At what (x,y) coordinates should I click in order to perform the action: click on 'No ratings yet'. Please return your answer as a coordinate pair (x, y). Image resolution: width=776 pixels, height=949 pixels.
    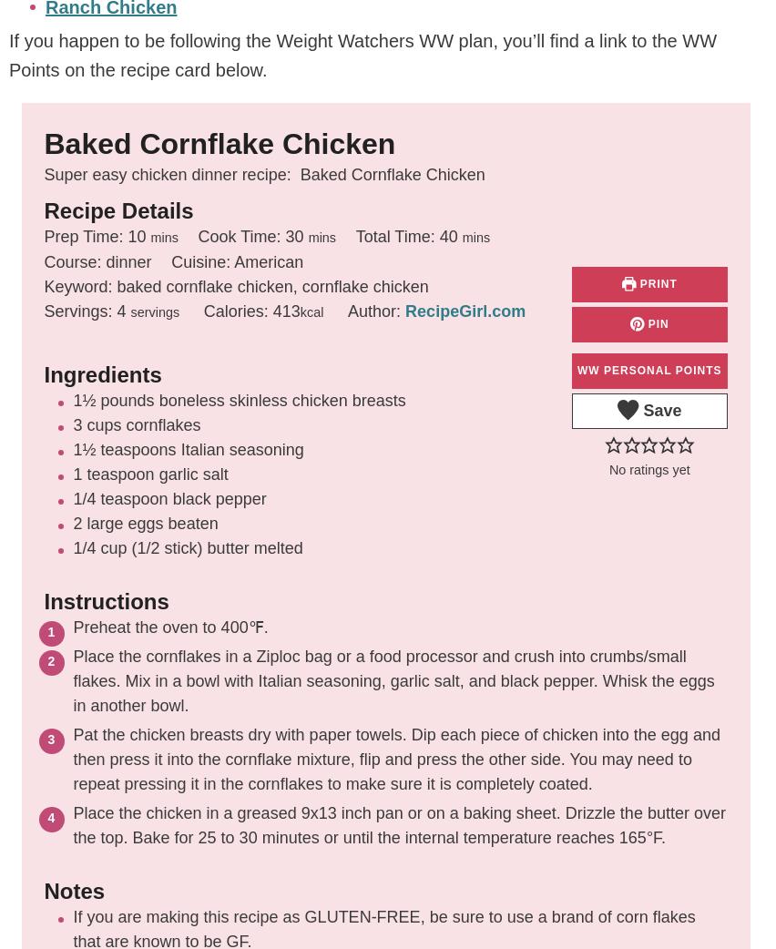
    Looking at the image, I should click on (648, 468).